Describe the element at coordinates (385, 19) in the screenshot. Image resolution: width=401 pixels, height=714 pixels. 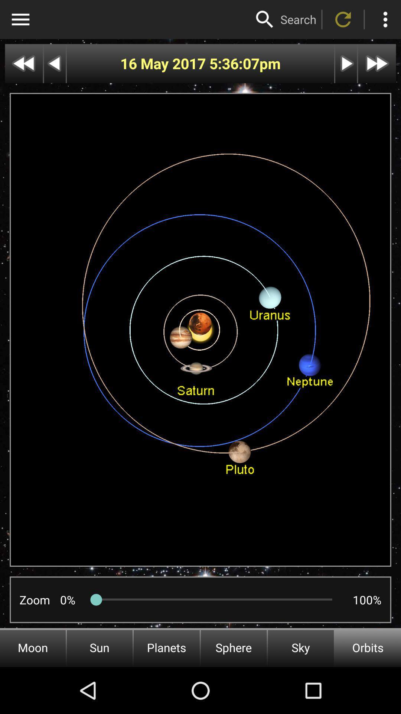
I see `open more actions` at that location.